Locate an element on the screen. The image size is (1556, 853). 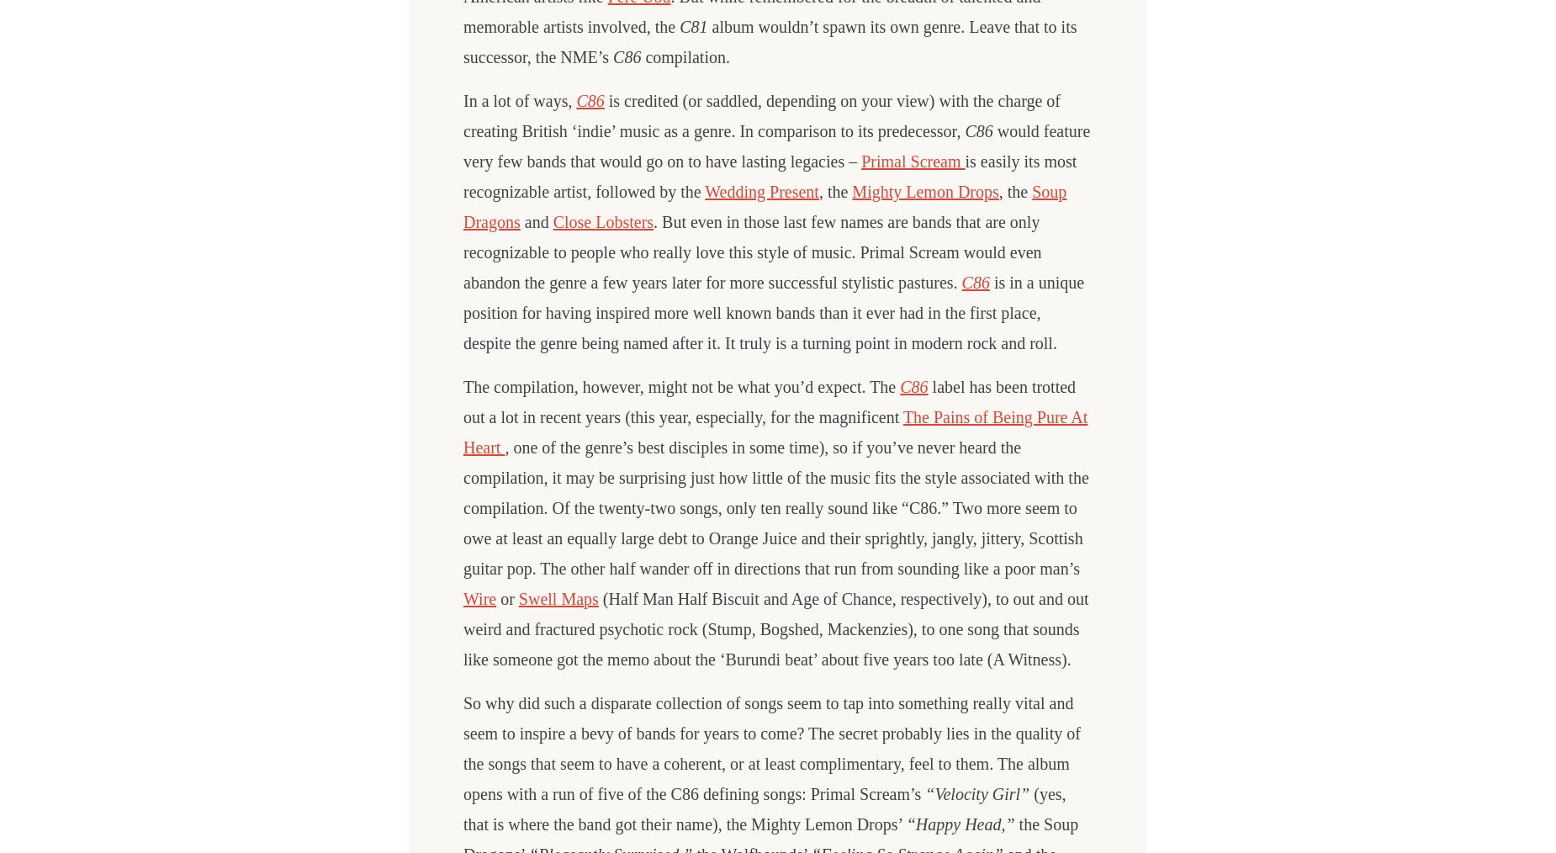
'In a lot of ways,' is located at coordinates (520, 100).